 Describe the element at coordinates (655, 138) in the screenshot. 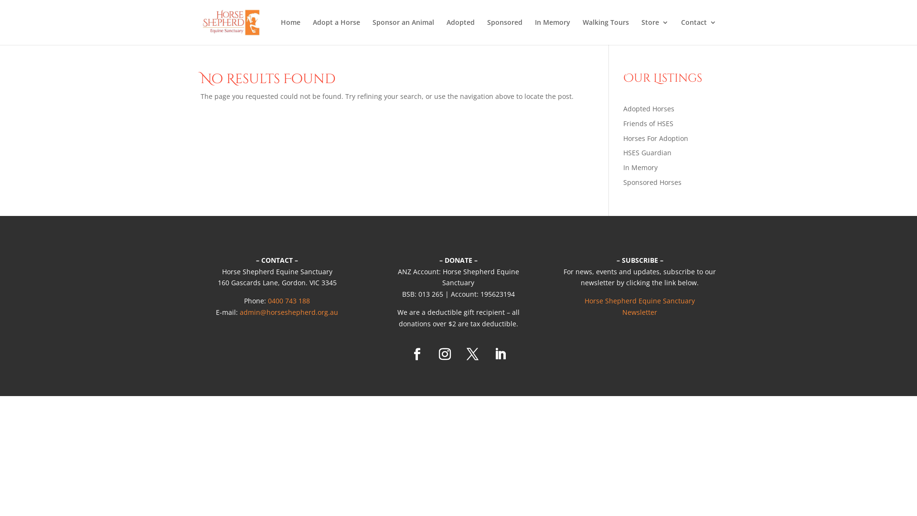

I see `'Horses For Adoption'` at that location.